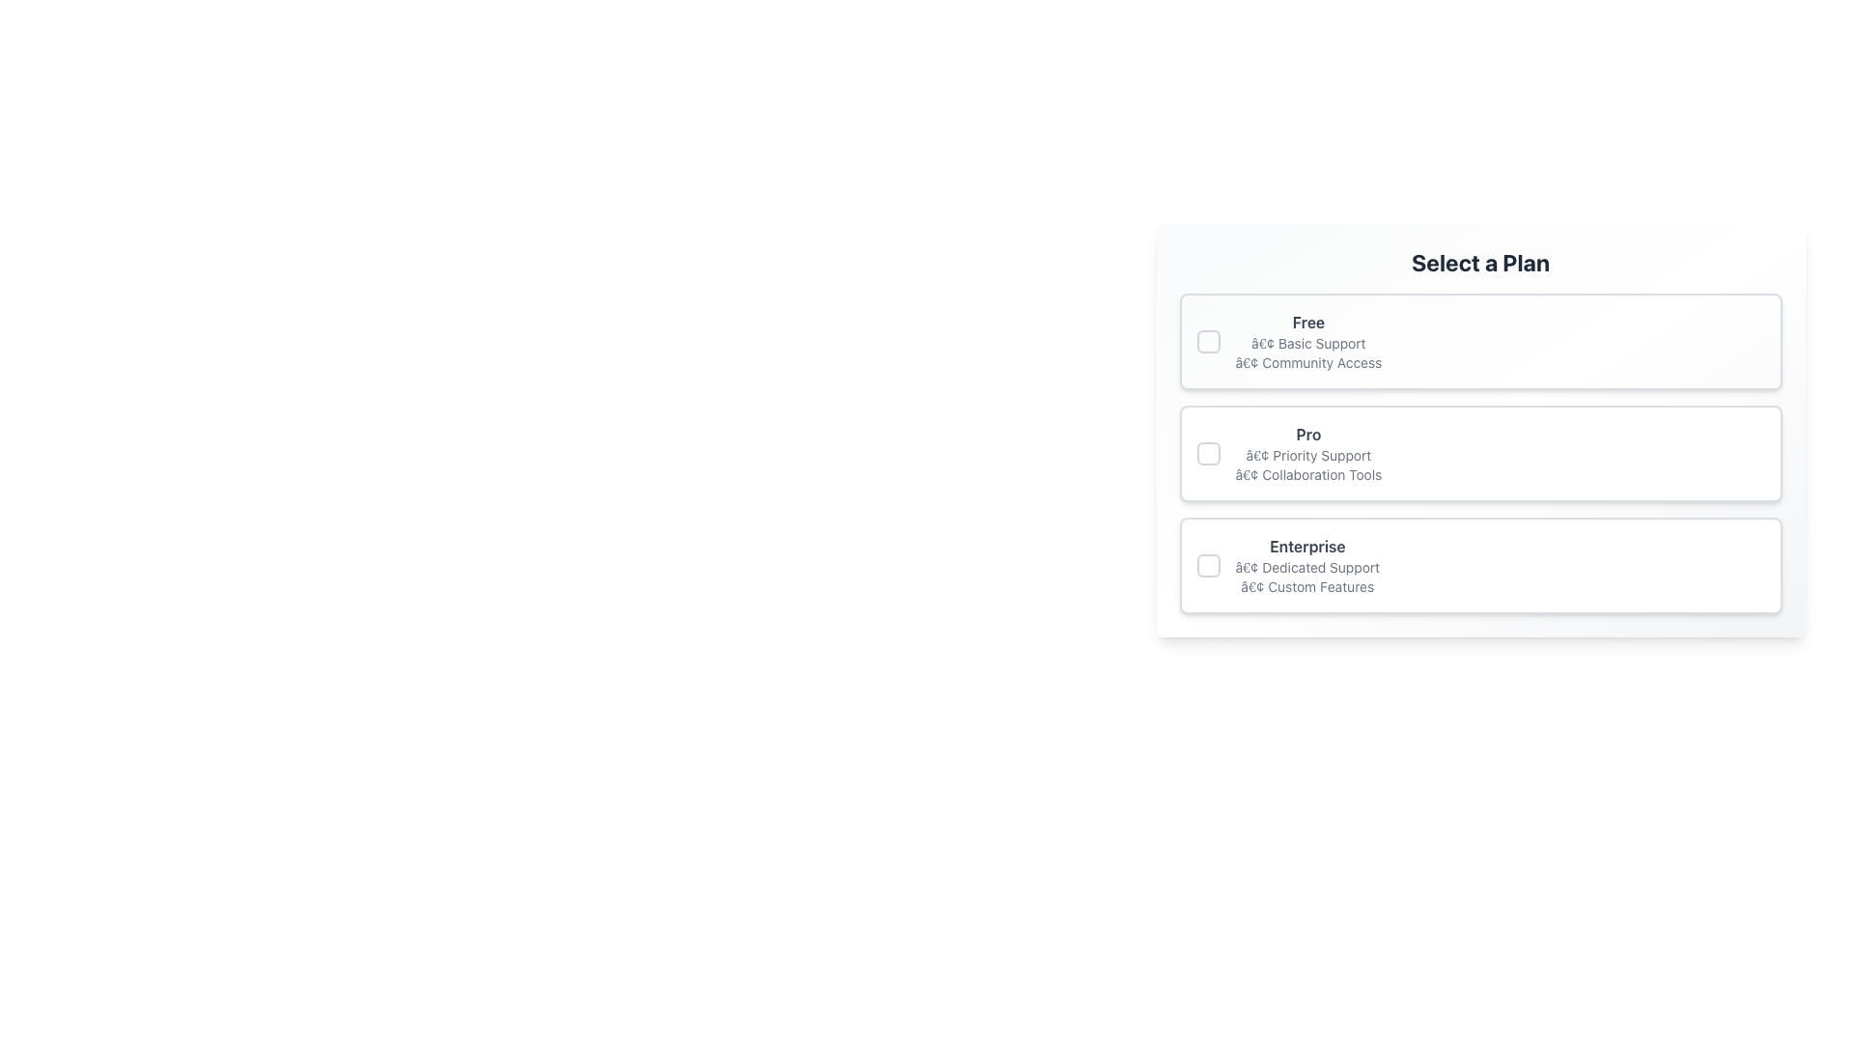  I want to click on the bold-styled label with the text 'Pro' displayed in gray color, located in the second grouping of selectable plans, so click(1308, 435).